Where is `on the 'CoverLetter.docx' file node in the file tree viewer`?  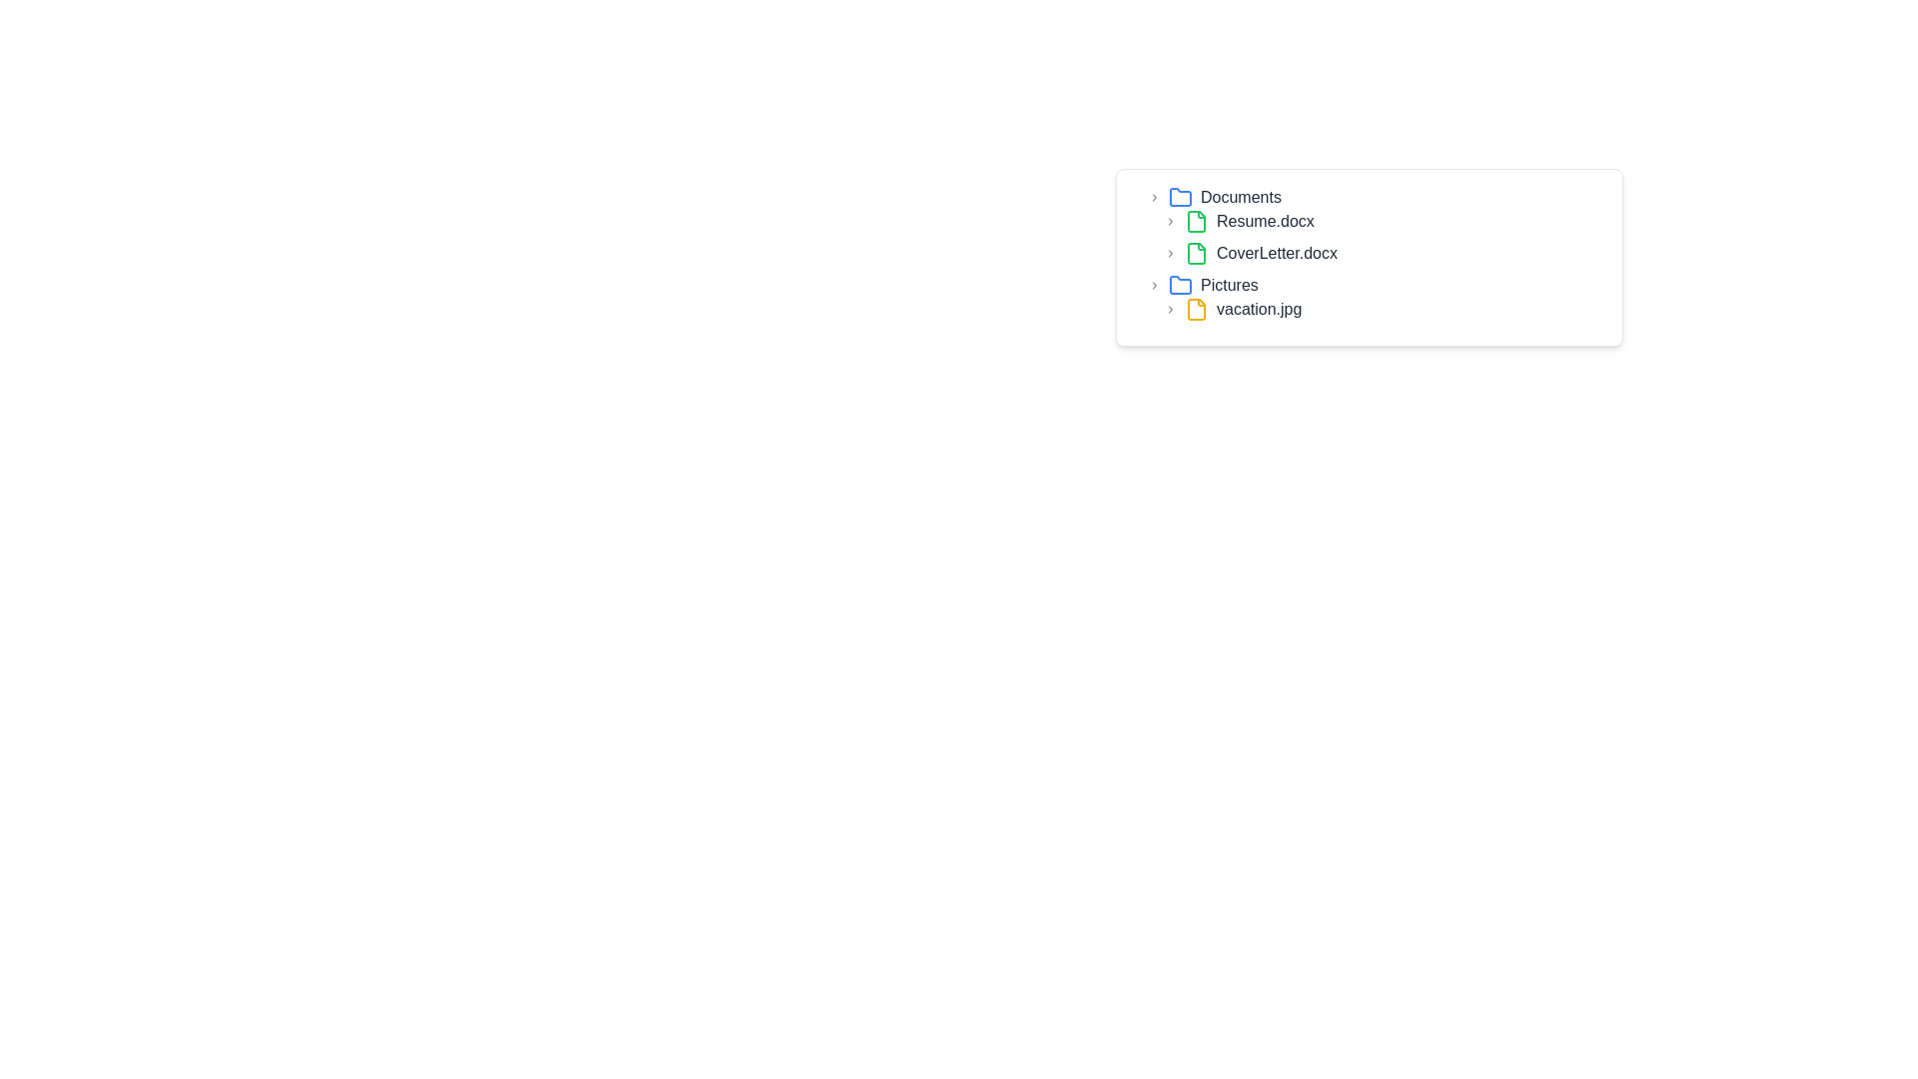 on the 'CoverLetter.docx' file node in the file tree viewer is located at coordinates (1385, 253).